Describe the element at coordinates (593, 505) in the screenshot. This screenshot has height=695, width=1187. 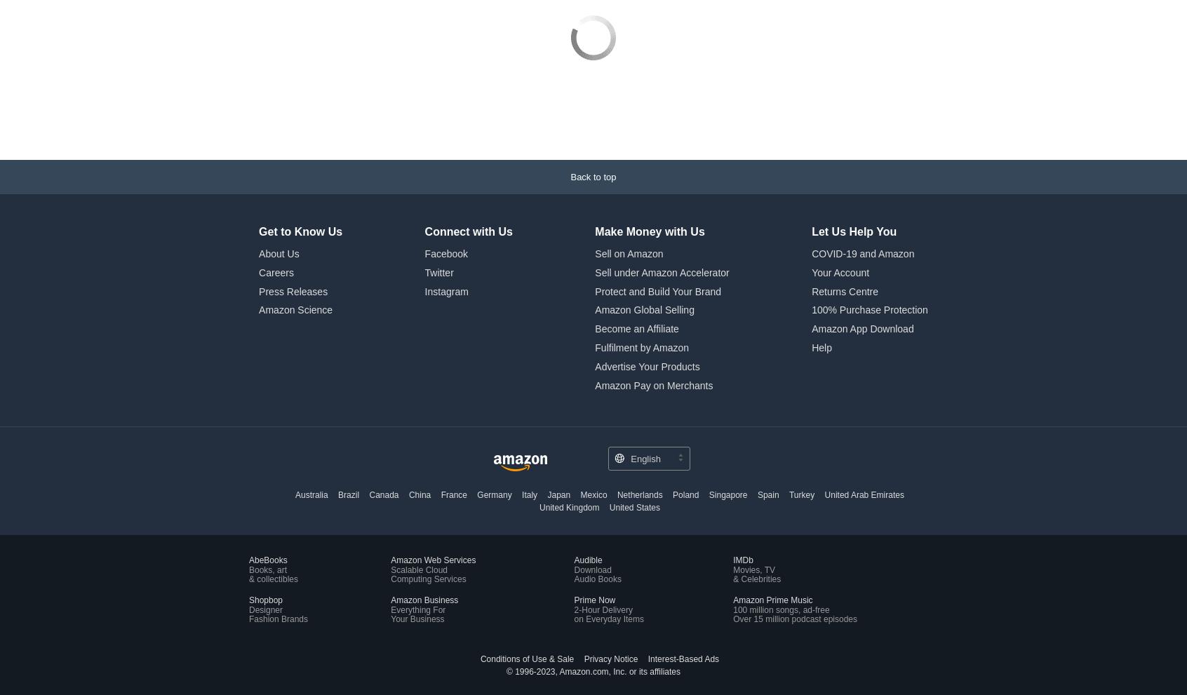
I see `'Prime Now'` at that location.